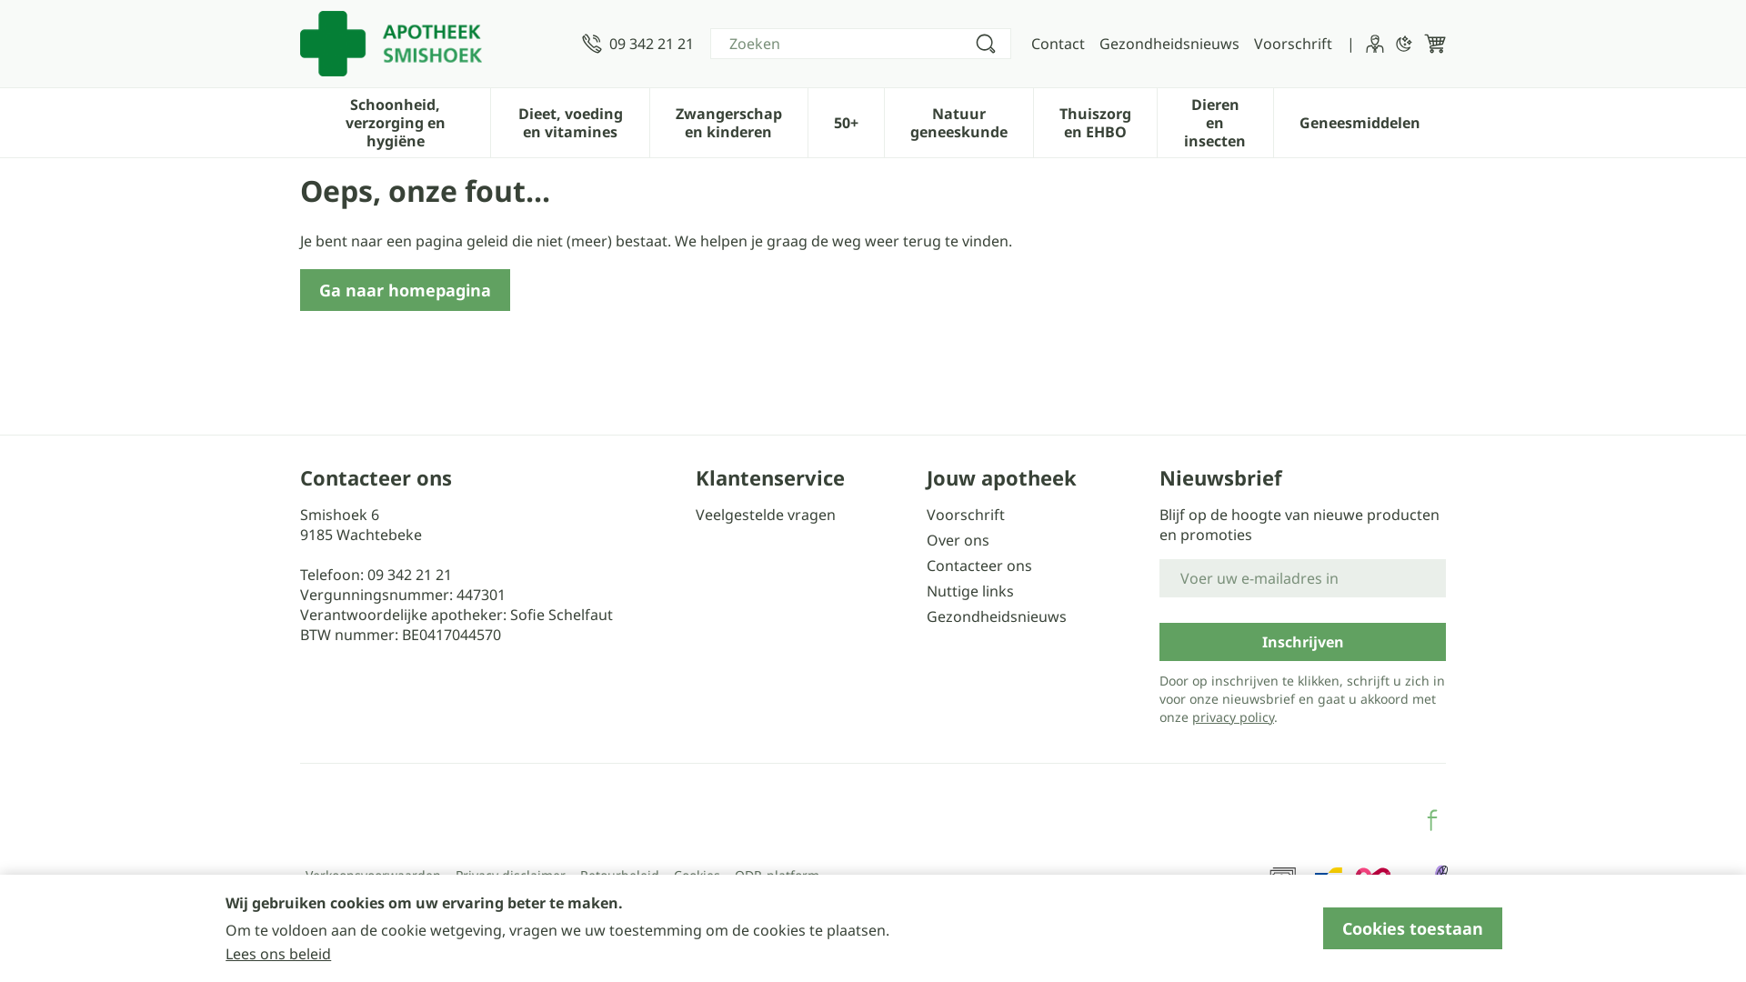 The image size is (1746, 982). Describe the element at coordinates (1411, 928) in the screenshot. I see `'Cookies toestaan'` at that location.